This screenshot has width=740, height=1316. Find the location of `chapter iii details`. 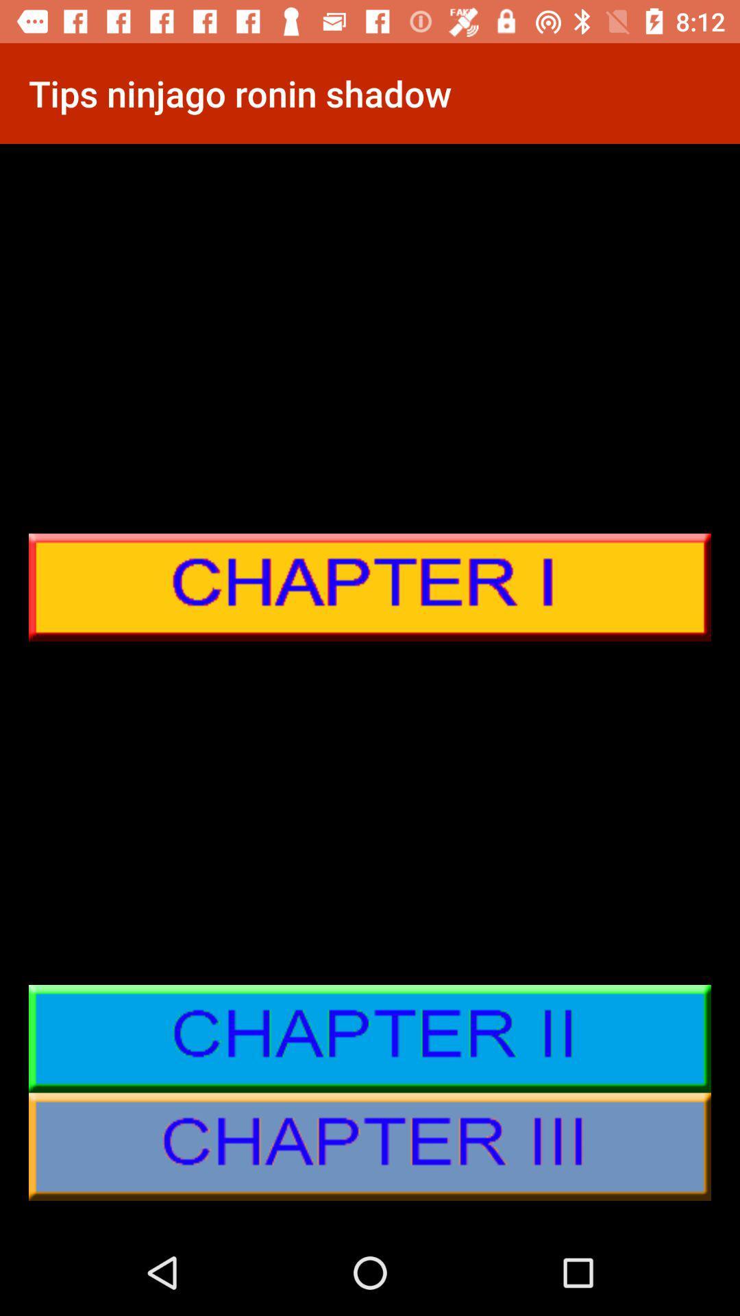

chapter iii details is located at coordinates (370, 1147).